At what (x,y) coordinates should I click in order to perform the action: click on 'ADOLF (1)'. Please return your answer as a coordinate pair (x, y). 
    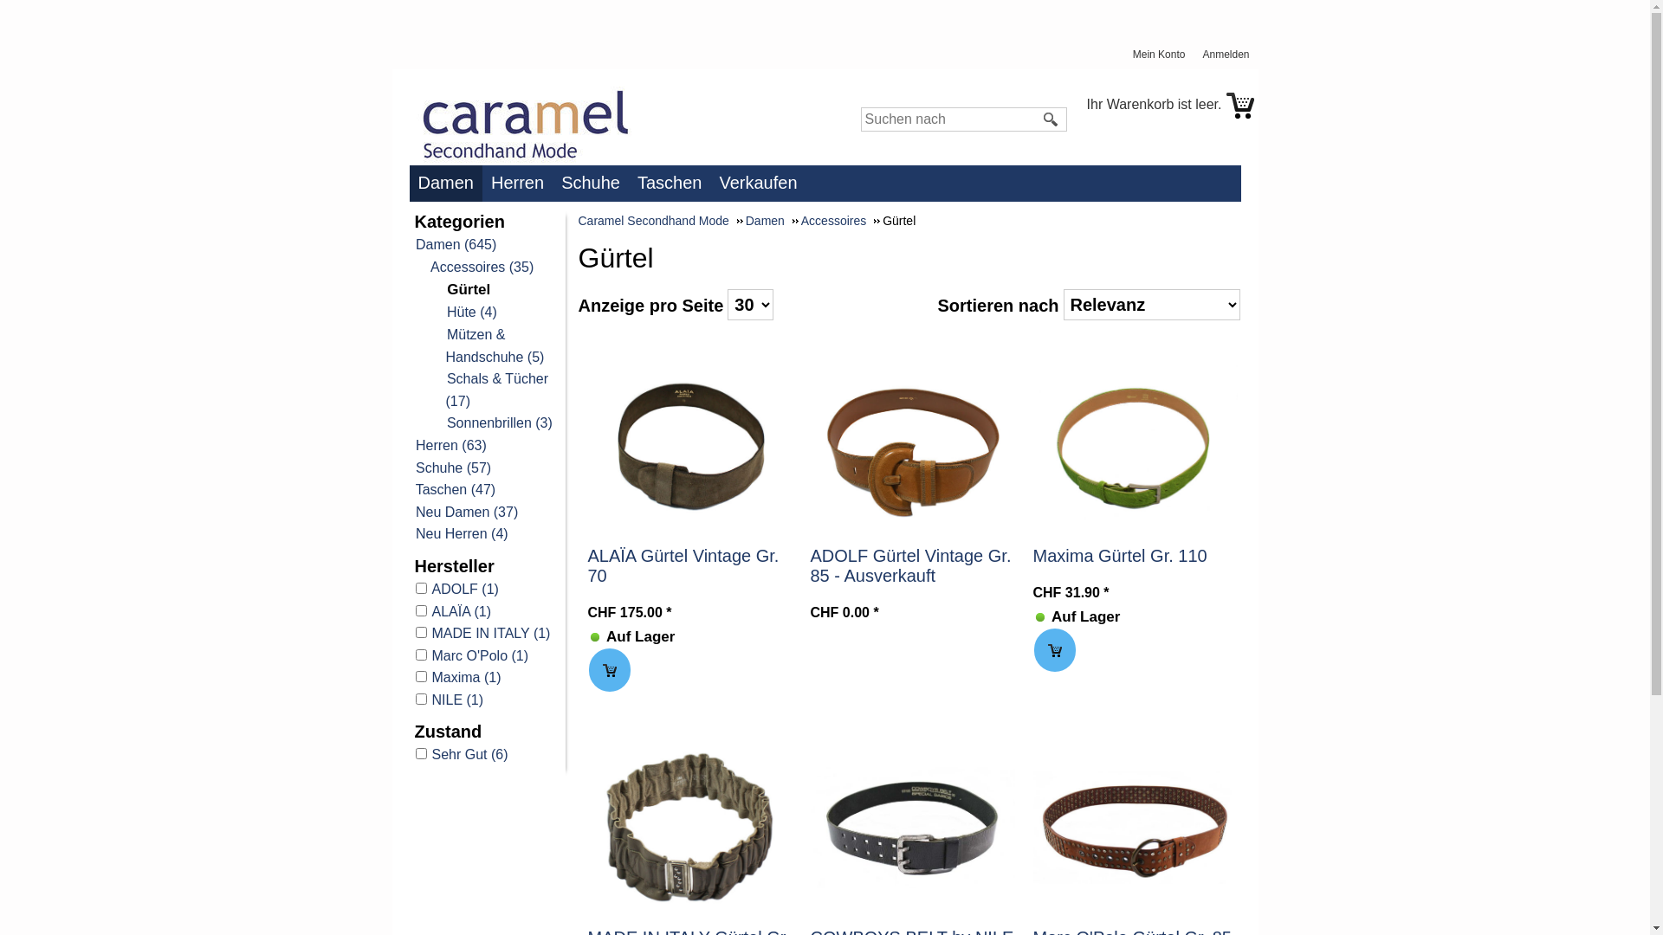
    Looking at the image, I should click on (413, 589).